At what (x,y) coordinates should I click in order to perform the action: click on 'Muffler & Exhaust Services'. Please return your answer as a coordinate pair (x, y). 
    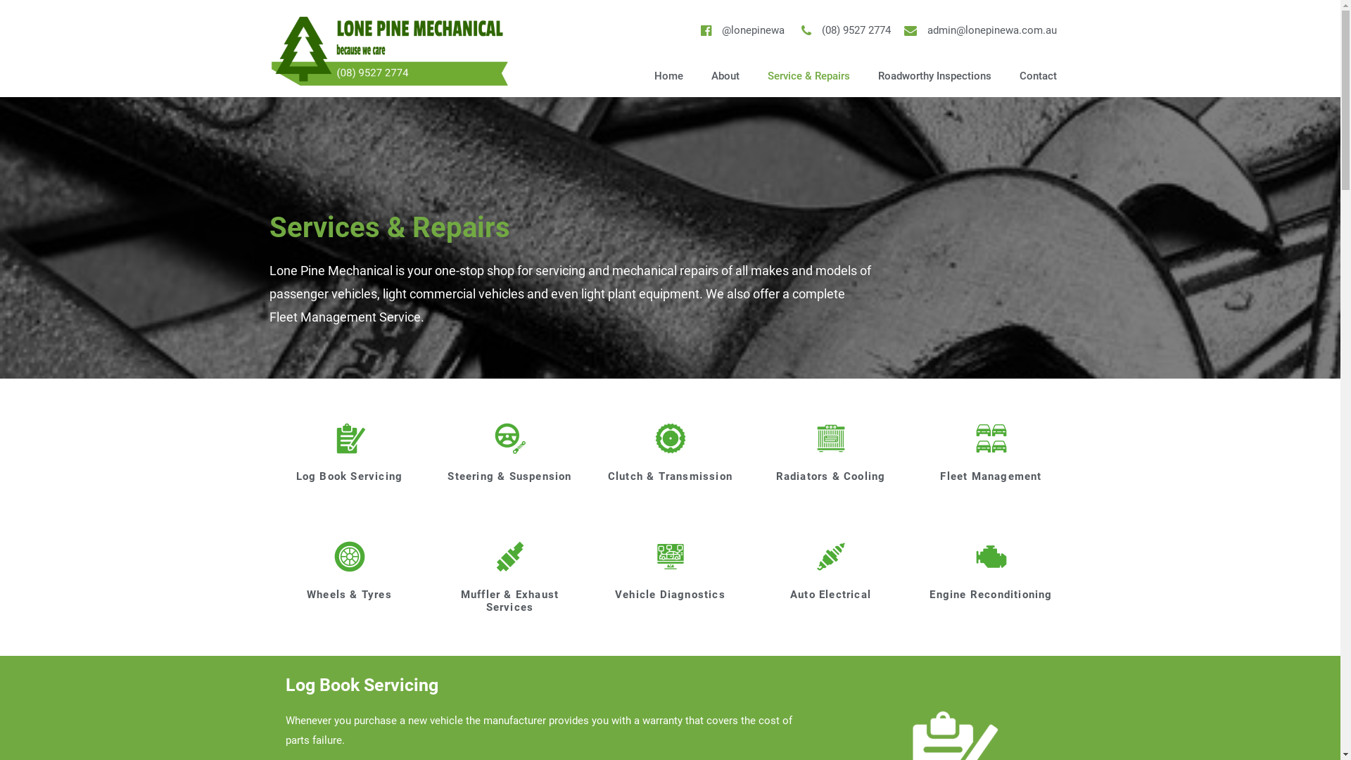
    Looking at the image, I should click on (509, 600).